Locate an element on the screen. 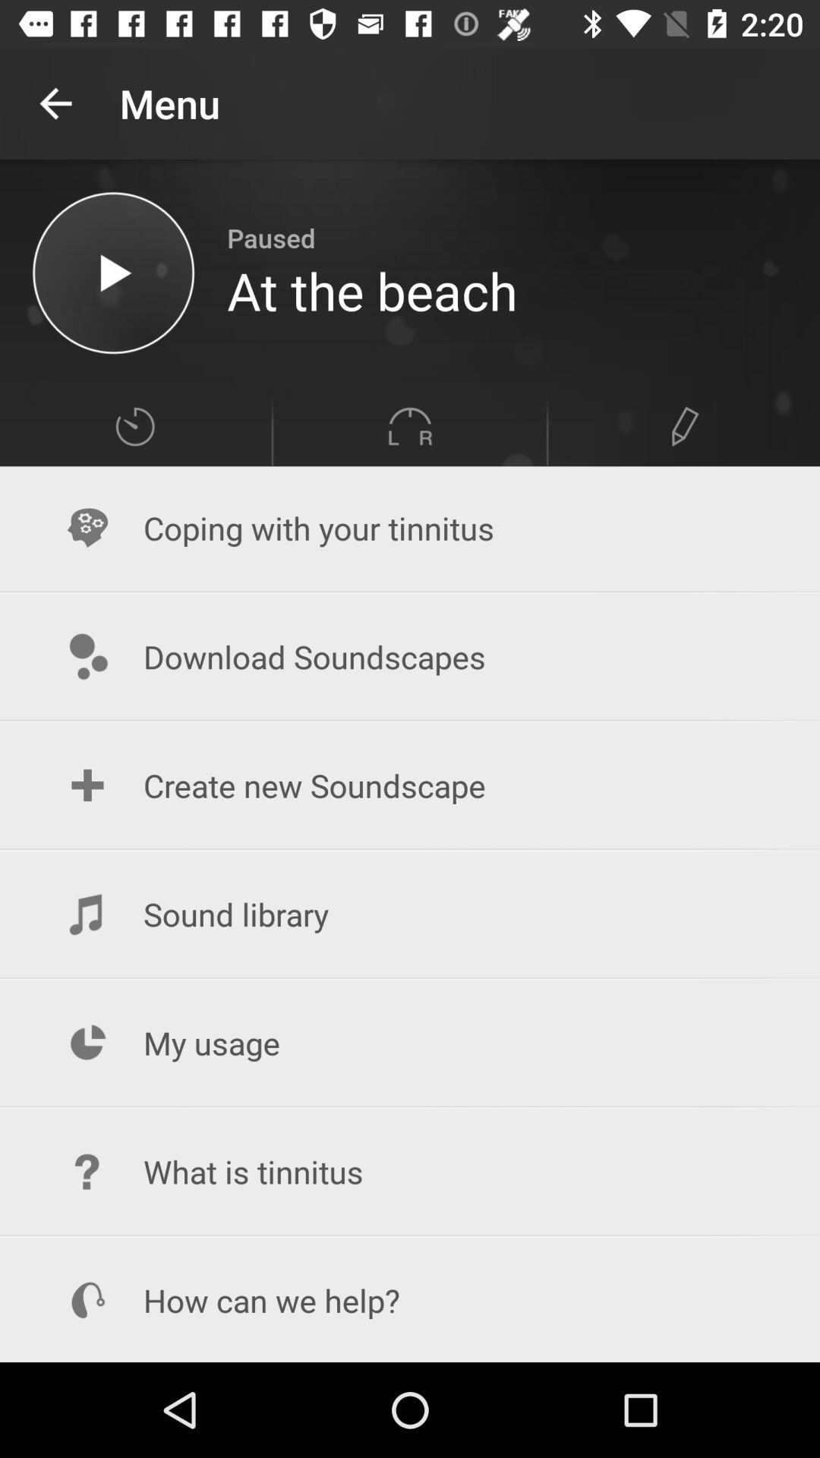 This screenshot has width=820, height=1458. write something is located at coordinates (685, 425).